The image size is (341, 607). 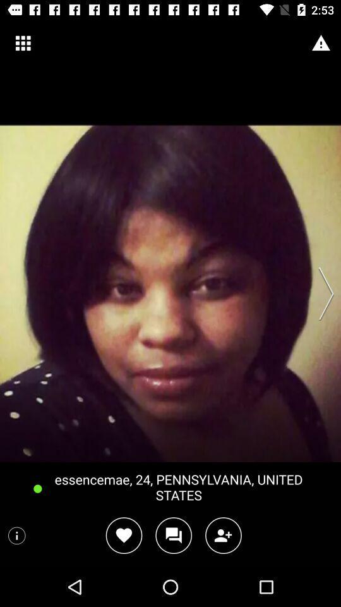 What do you see at coordinates (322, 293) in the screenshot?
I see `next photo` at bounding box center [322, 293].